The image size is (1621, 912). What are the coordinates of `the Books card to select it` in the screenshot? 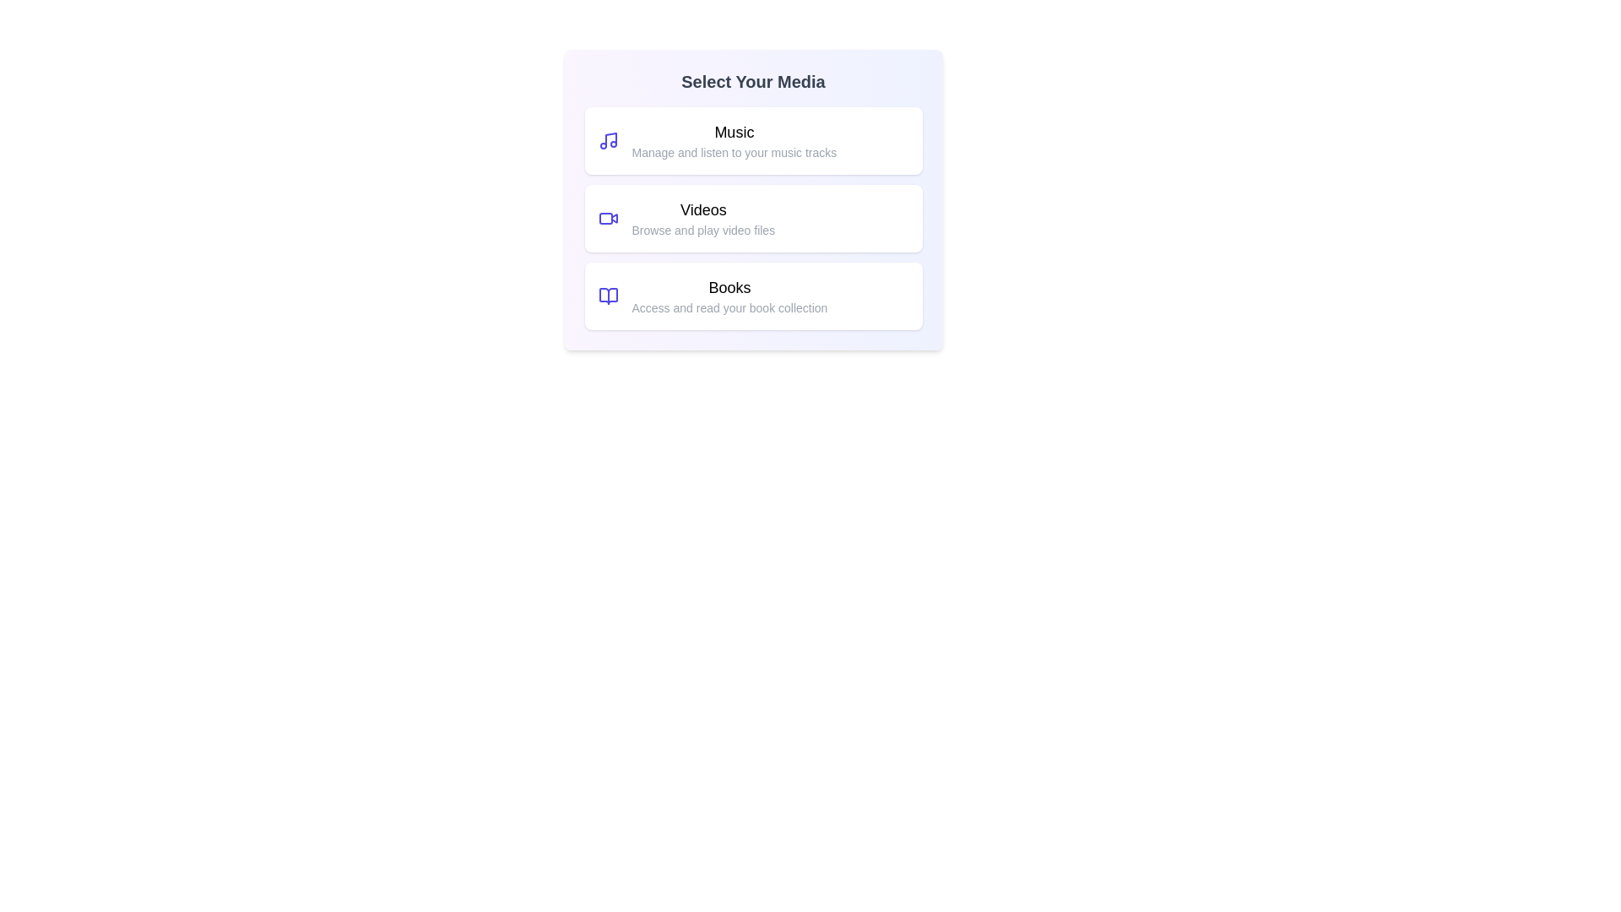 It's located at (752, 296).